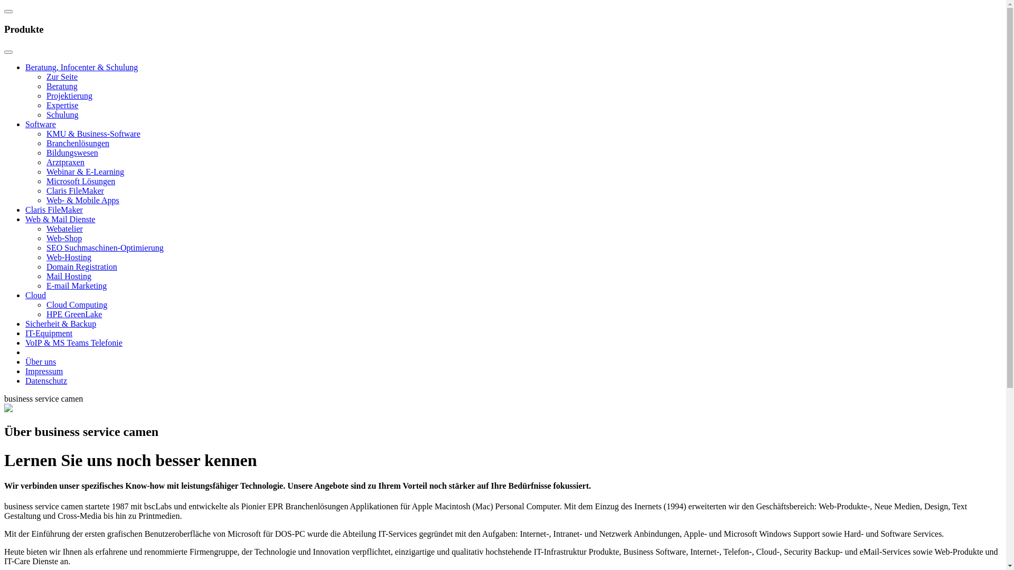  Describe the element at coordinates (68, 275) in the screenshot. I see `'Mail Hosting'` at that location.